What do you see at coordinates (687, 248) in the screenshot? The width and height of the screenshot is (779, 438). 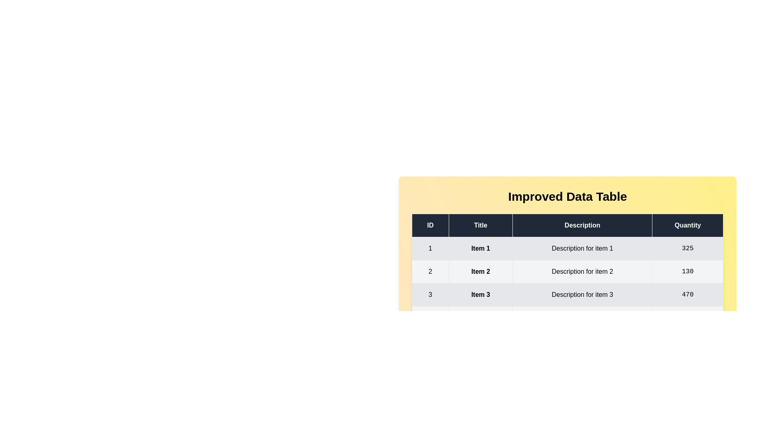 I see `the cell with content 325 to select its content` at bounding box center [687, 248].